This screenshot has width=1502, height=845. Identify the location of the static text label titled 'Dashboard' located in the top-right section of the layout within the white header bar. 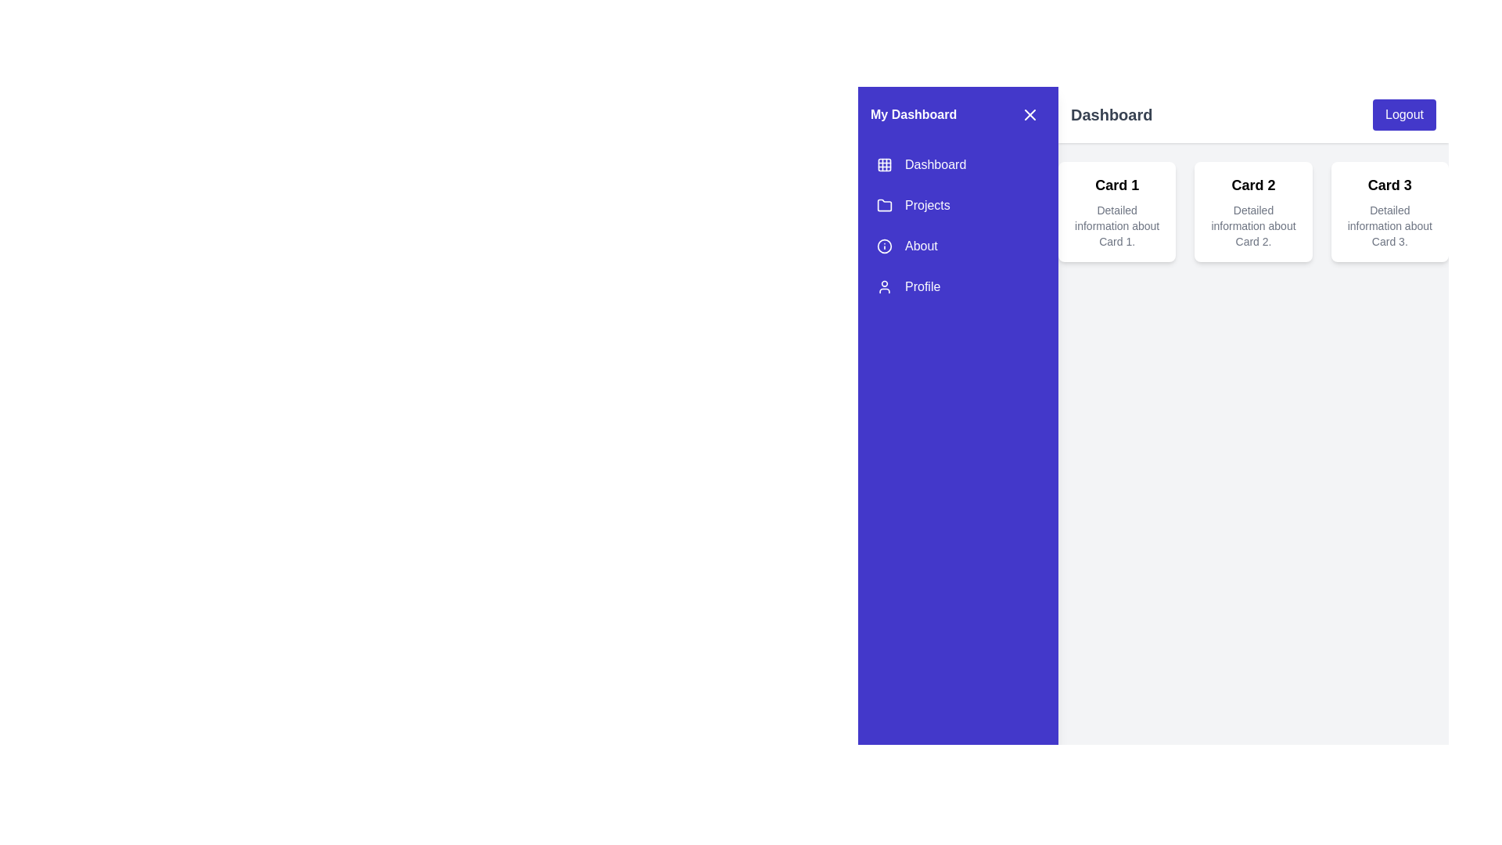
(1111, 113).